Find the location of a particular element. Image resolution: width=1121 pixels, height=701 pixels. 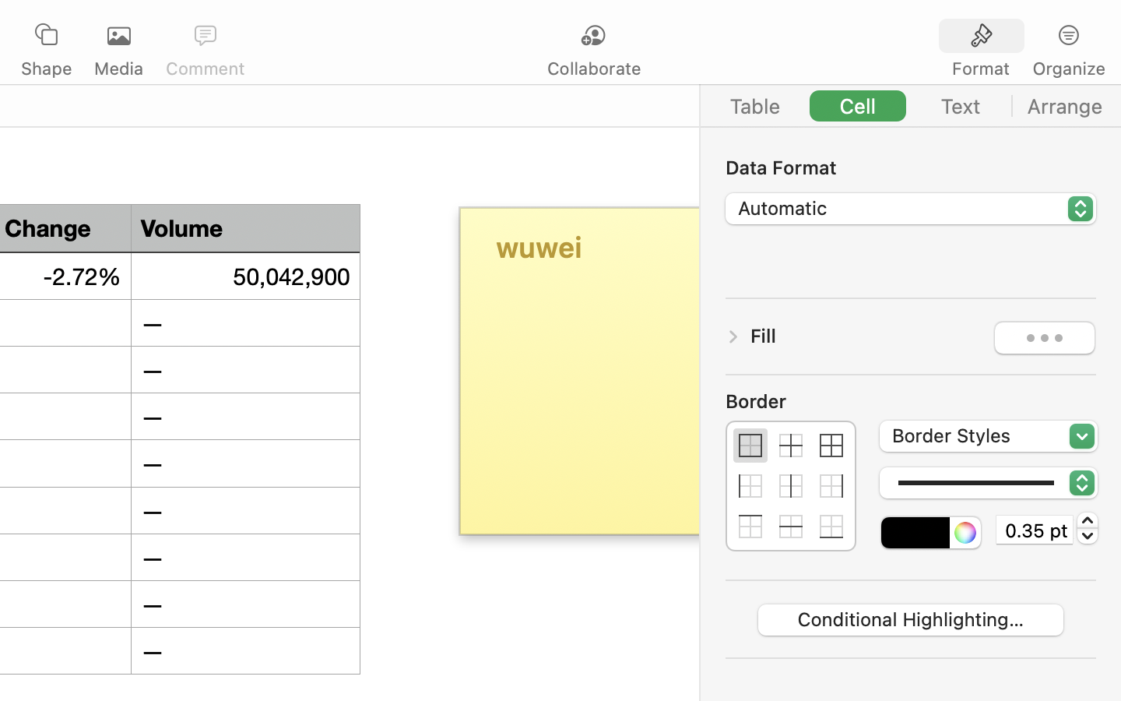

'<AXUIElement 0x155699720> {pid=1420}' is located at coordinates (911, 105).